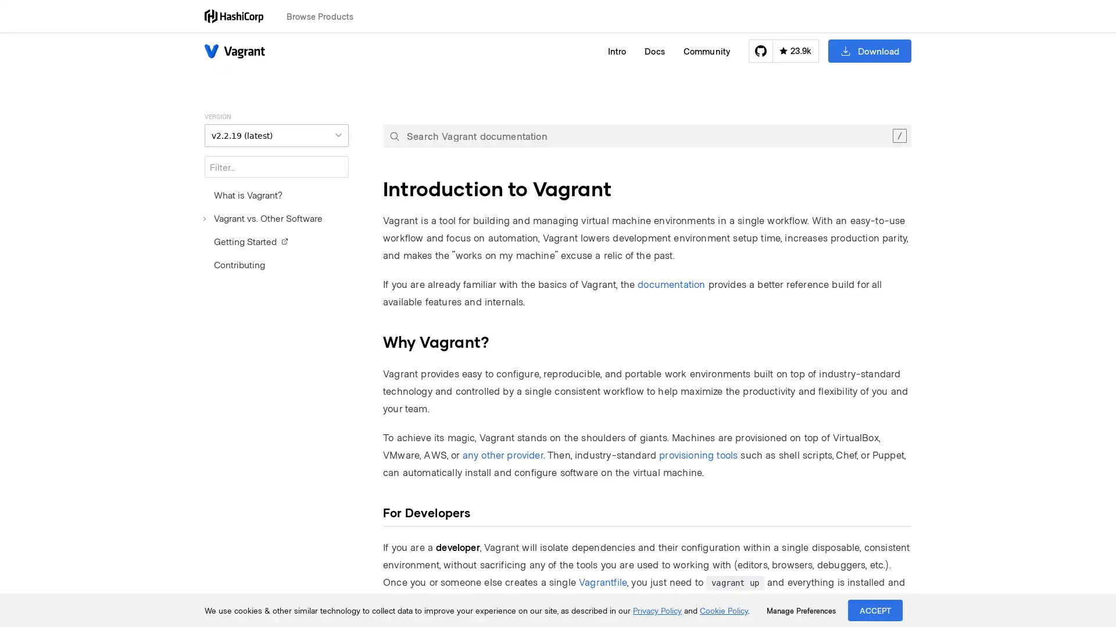 This screenshot has width=1116, height=627. What do you see at coordinates (800, 610) in the screenshot?
I see `Manage Preferences` at bounding box center [800, 610].